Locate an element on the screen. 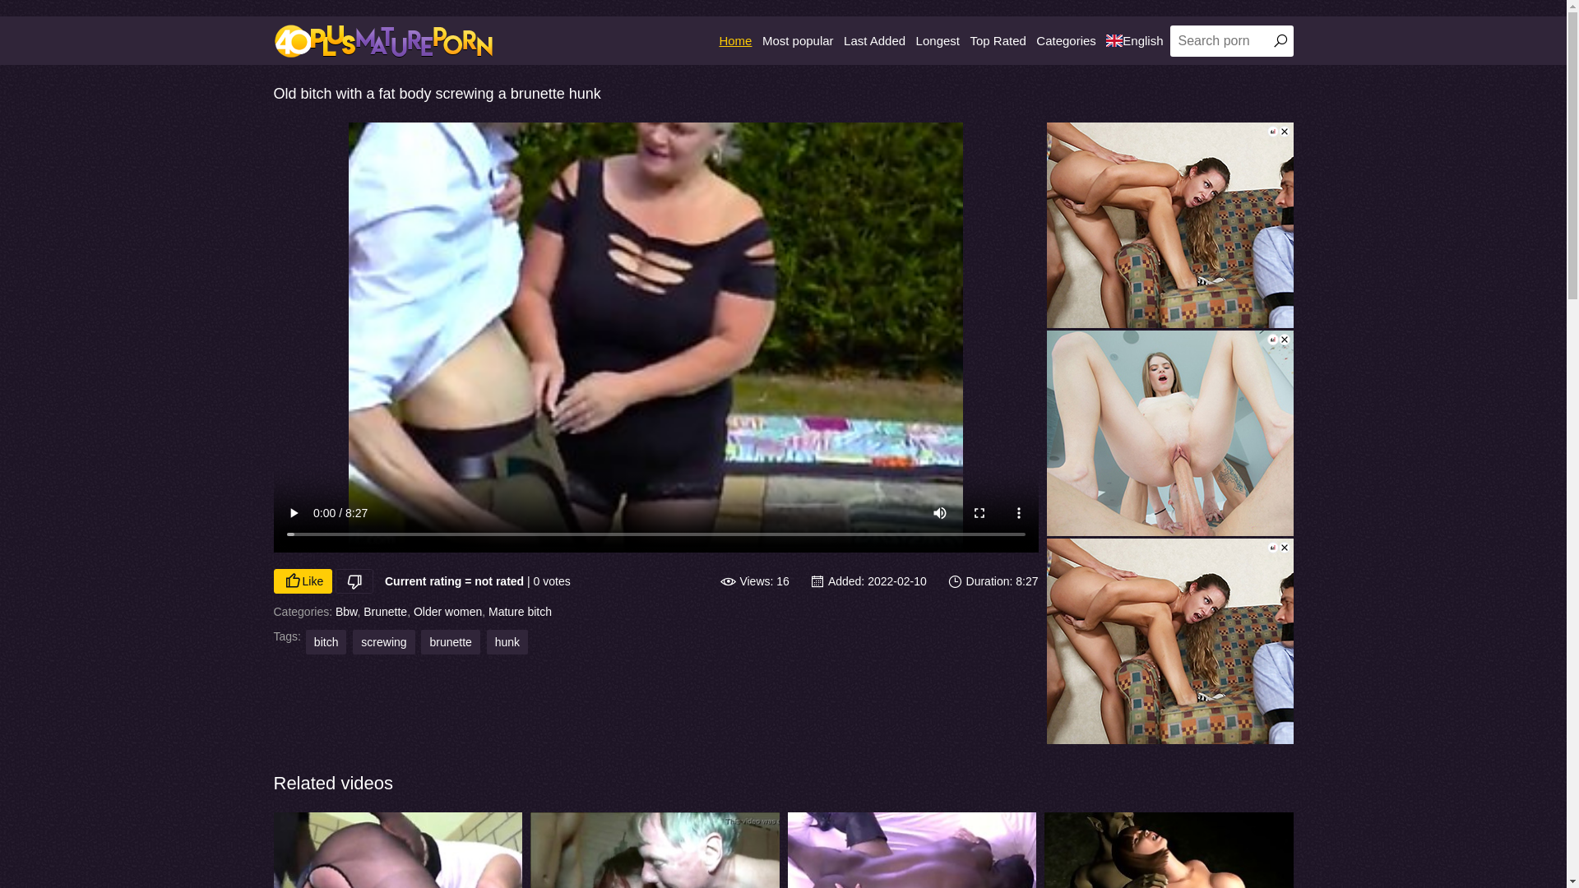 Image resolution: width=1579 pixels, height=888 pixels. 'English' is located at coordinates (1133, 40).